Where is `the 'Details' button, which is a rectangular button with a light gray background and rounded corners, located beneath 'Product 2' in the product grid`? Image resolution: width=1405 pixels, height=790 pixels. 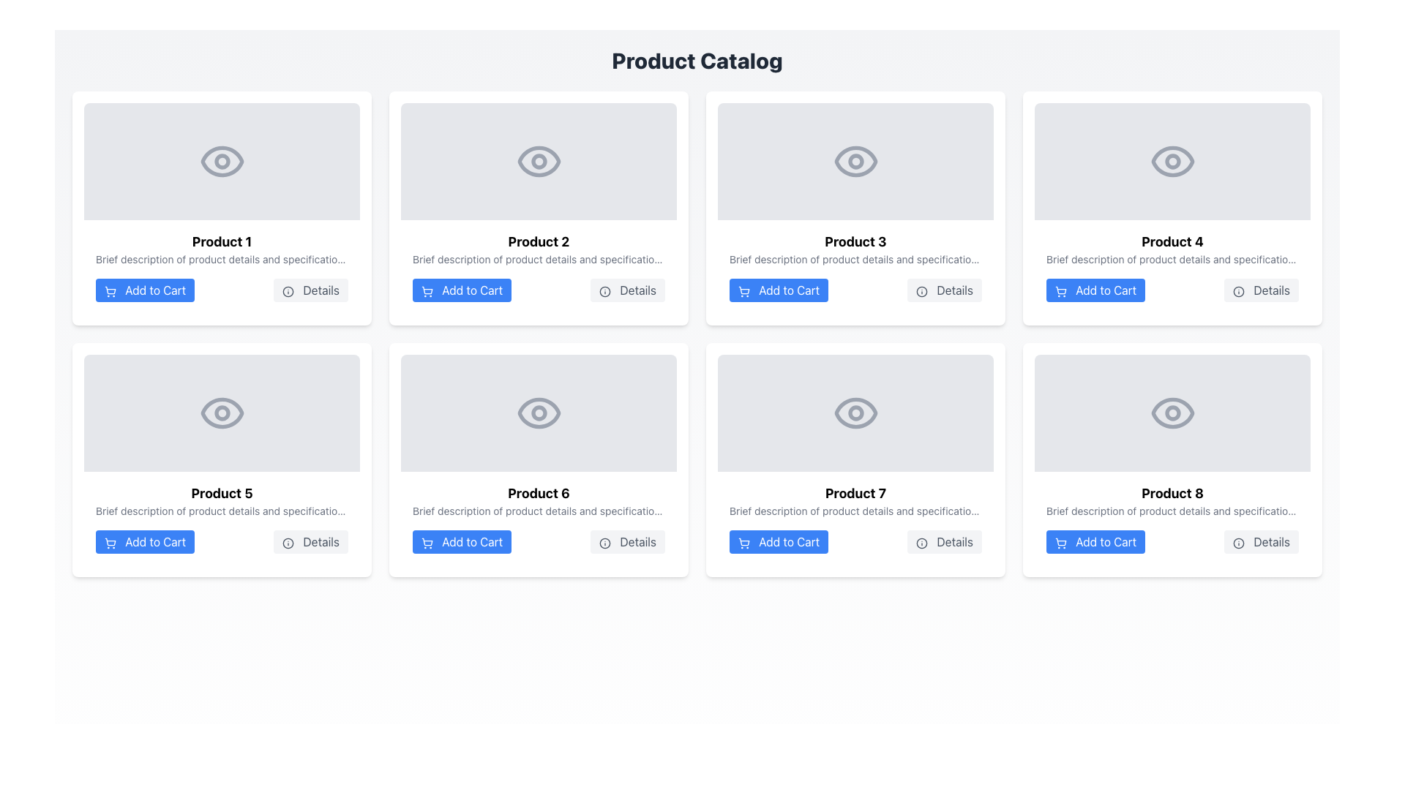
the 'Details' button, which is a rectangular button with a light gray background and rounded corners, located beneath 'Product 2' in the product grid is located at coordinates (628, 290).